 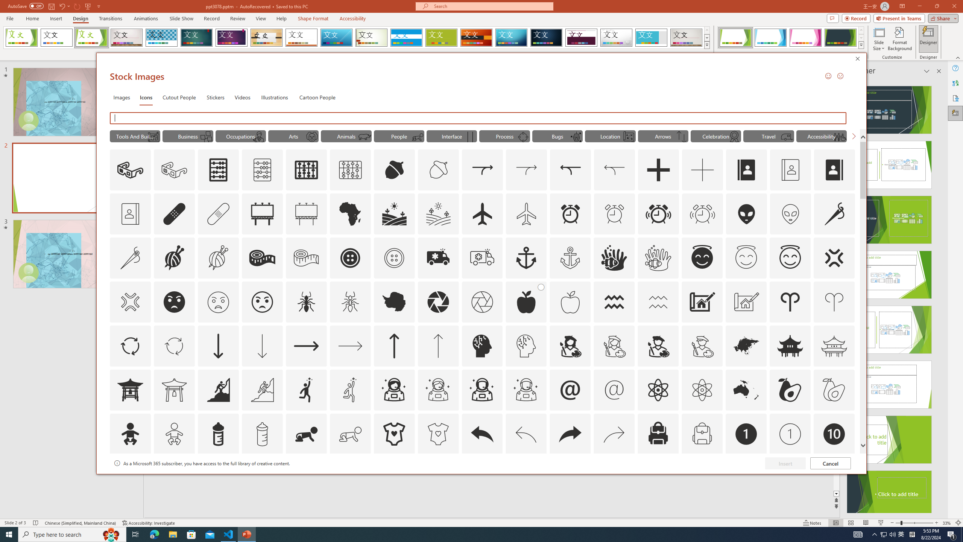 I want to click on 'AutomationID: Icons_Aspiration', so click(x=217, y=389).